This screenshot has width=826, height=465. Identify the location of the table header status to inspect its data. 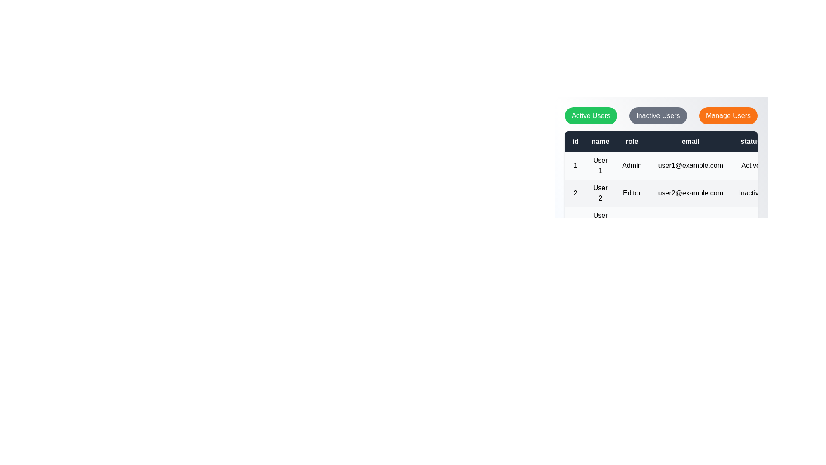
(750, 141).